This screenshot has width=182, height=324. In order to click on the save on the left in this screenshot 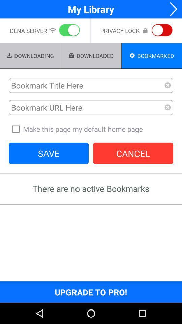, I will do `click(48, 153)`.